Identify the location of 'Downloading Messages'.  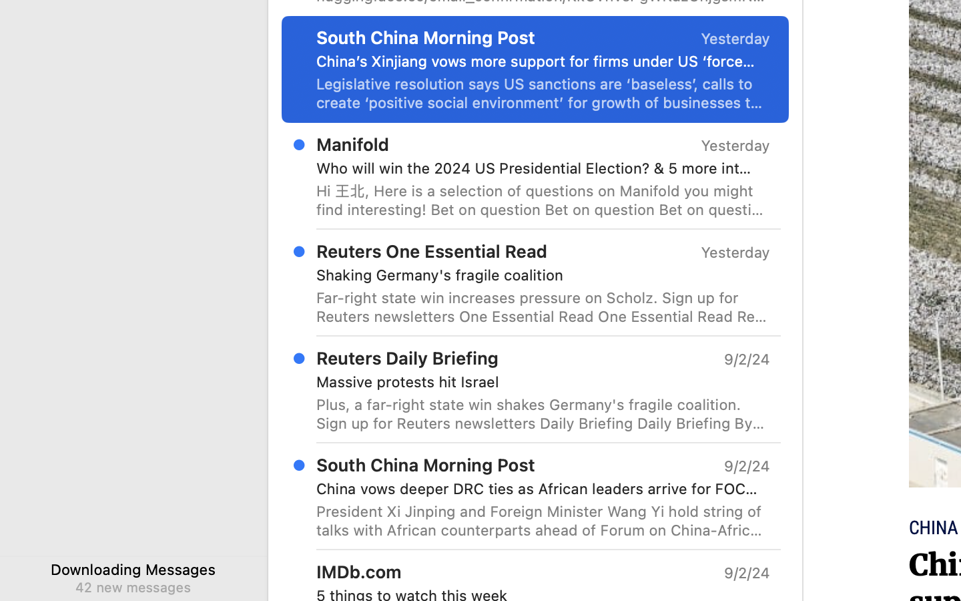
(133, 569).